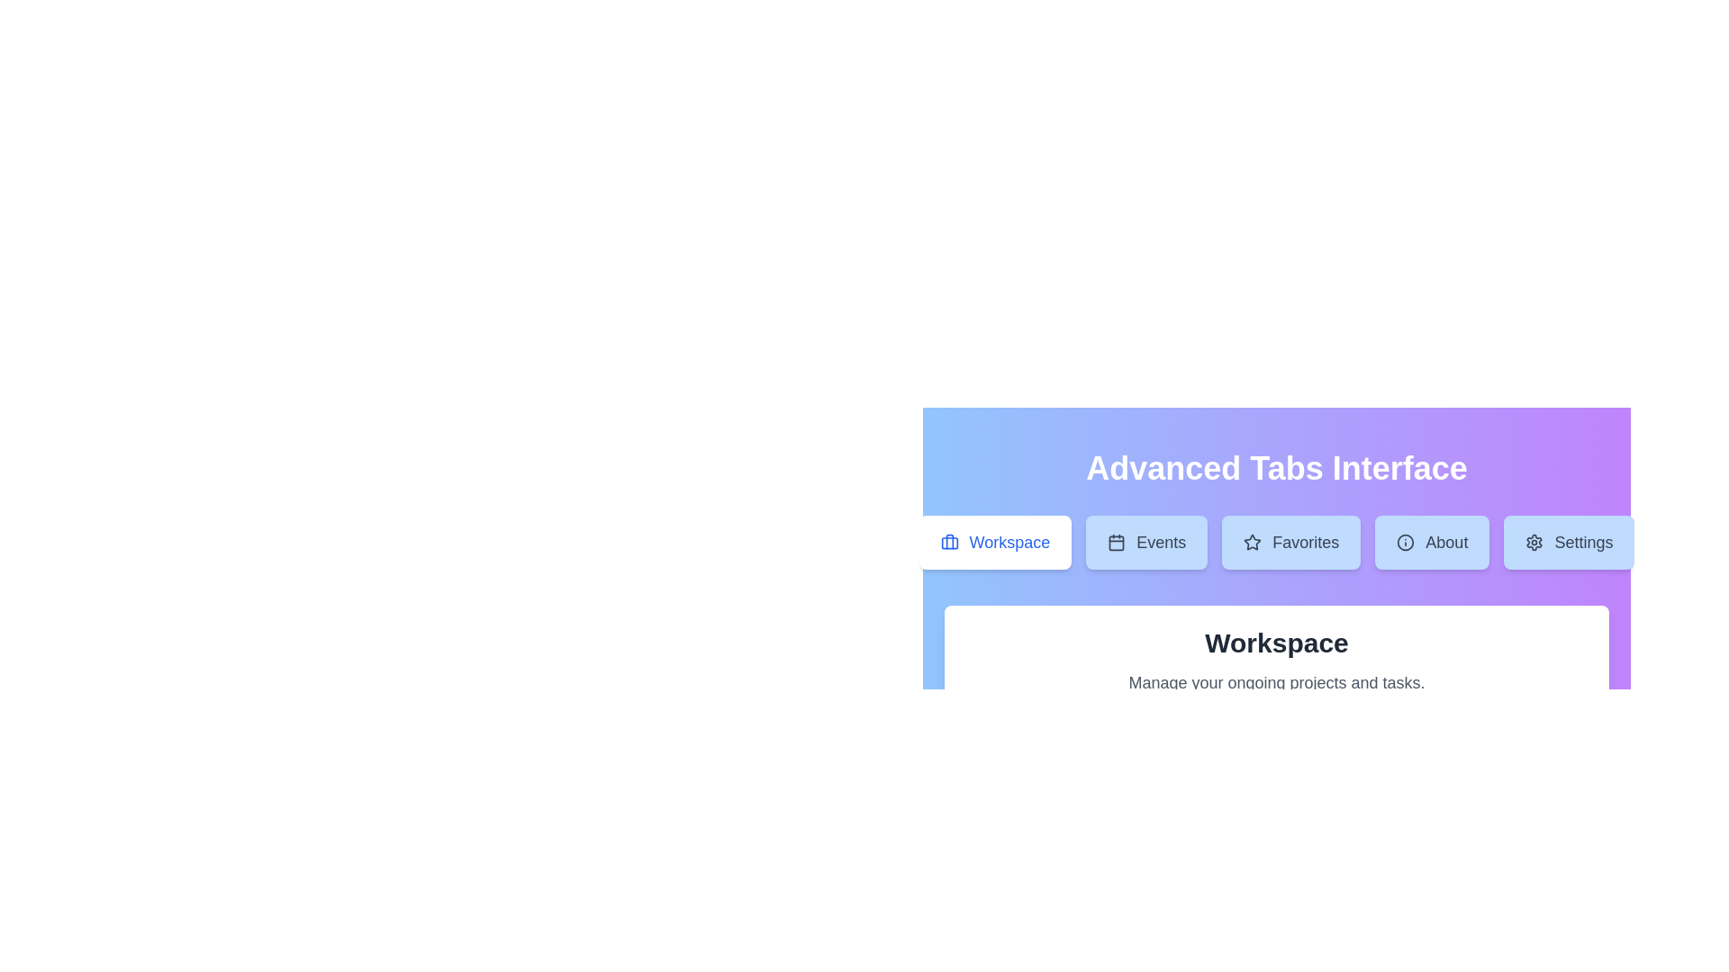 The width and height of the screenshot is (1729, 972). I want to click on the central cogwheel design of the settings icon located at the far right of the horizontal navigation menu, so click(1534, 541).